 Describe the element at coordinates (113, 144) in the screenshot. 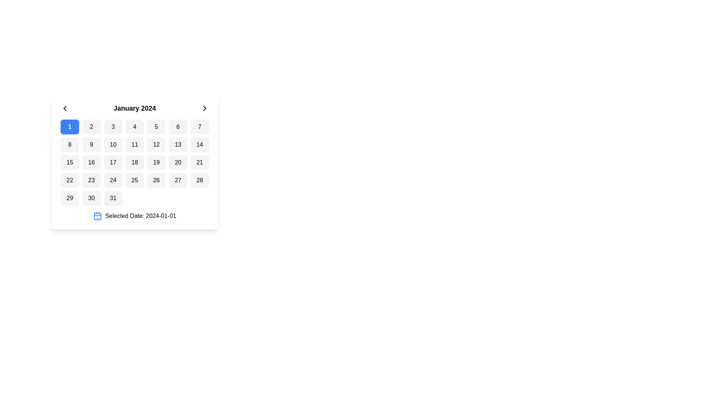

I see `the button displaying '10' in black text, which is the 10th item in the second row of the January 2024 calendar grid` at that location.